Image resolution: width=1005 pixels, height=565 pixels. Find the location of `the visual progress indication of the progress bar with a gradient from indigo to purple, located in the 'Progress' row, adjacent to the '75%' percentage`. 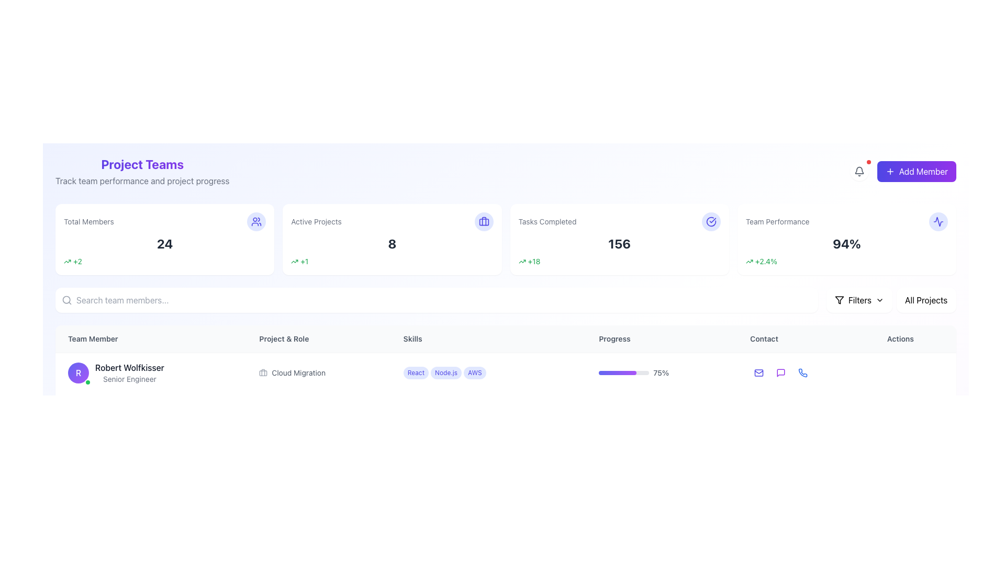

the visual progress indication of the progress bar with a gradient from indigo to purple, located in the 'Progress' row, adjacent to the '75%' percentage is located at coordinates (624, 372).